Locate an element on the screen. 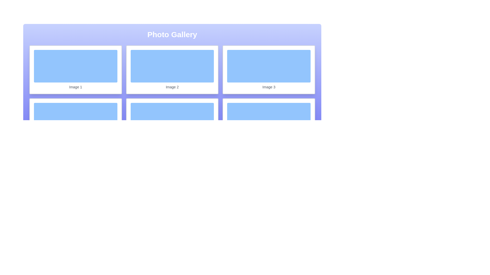  the descriptive label located underneath the image in the third card of the first row of a grid layout is located at coordinates (268, 87).